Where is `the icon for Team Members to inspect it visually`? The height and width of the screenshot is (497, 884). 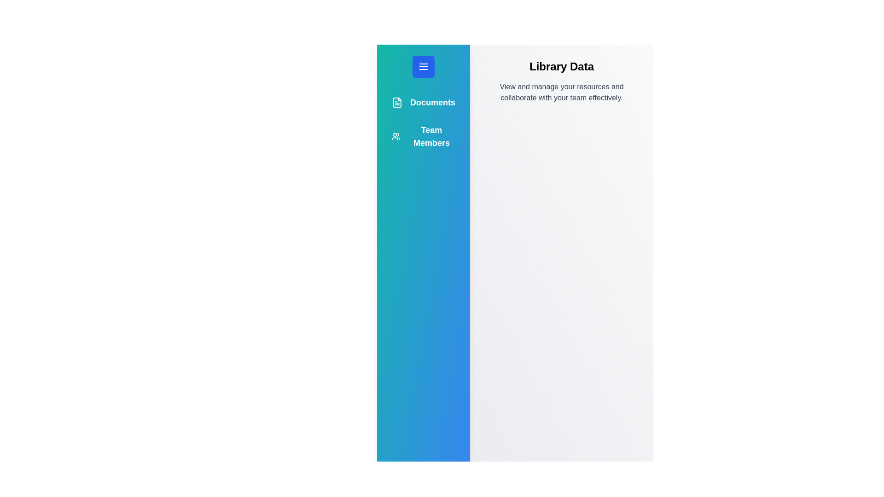 the icon for Team Members to inspect it visually is located at coordinates (395, 137).